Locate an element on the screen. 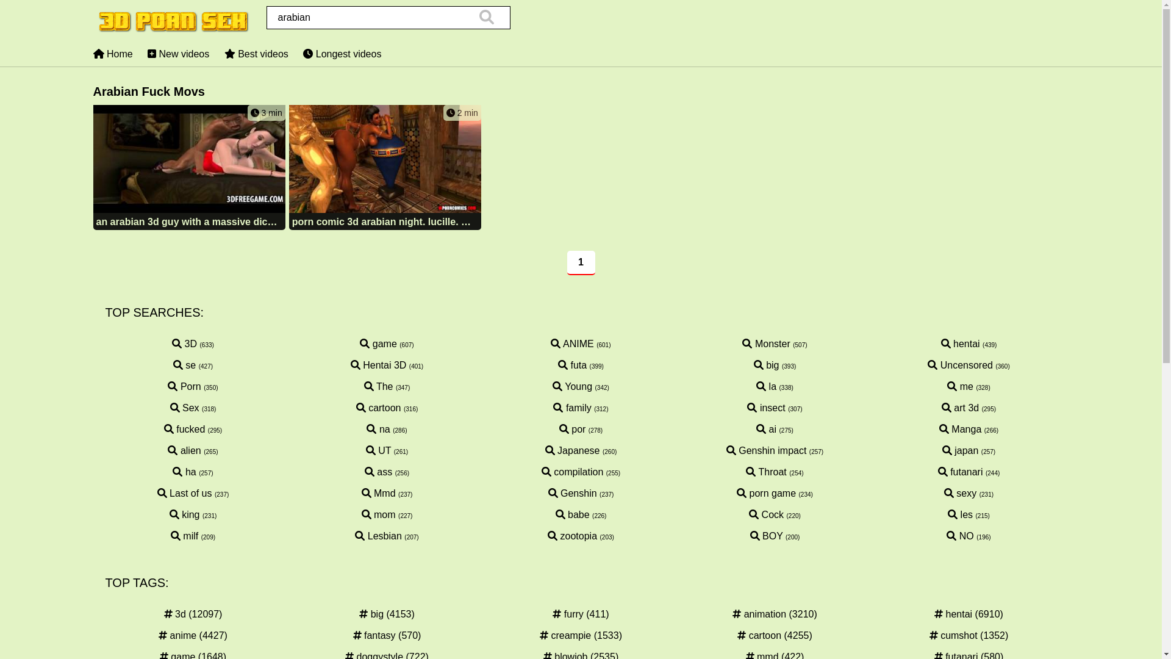 This screenshot has height=659, width=1171. 'Mmd' is located at coordinates (378, 492).